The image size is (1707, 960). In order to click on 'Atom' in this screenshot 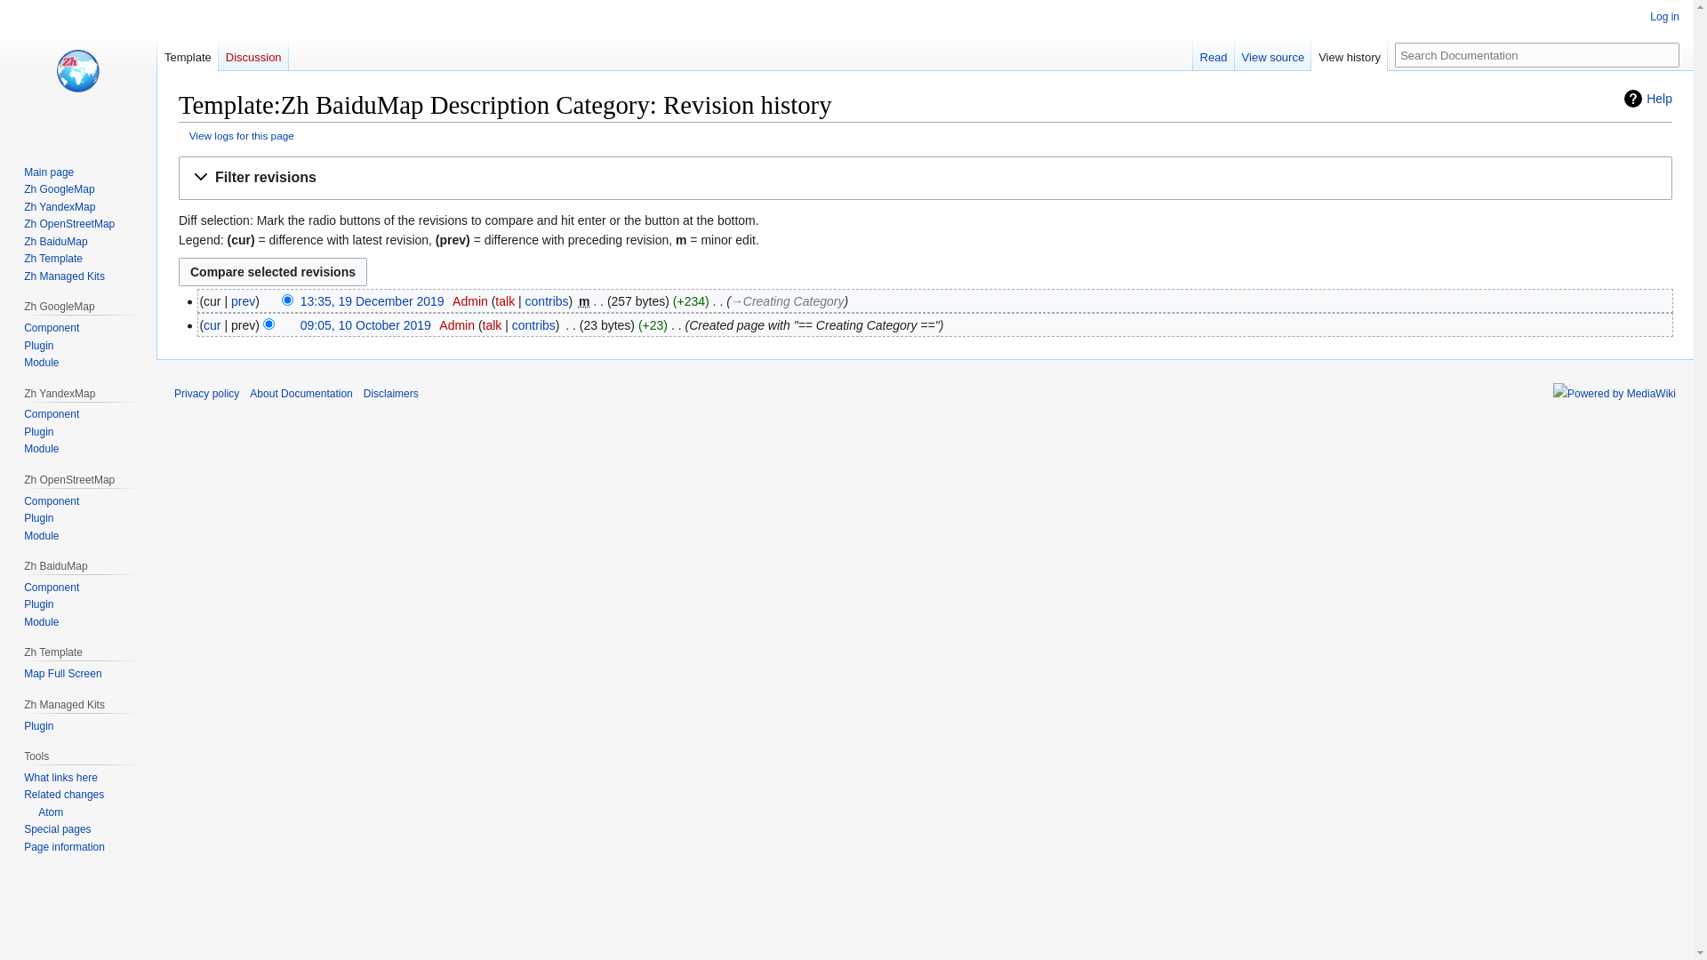, I will do `click(43, 812)`.